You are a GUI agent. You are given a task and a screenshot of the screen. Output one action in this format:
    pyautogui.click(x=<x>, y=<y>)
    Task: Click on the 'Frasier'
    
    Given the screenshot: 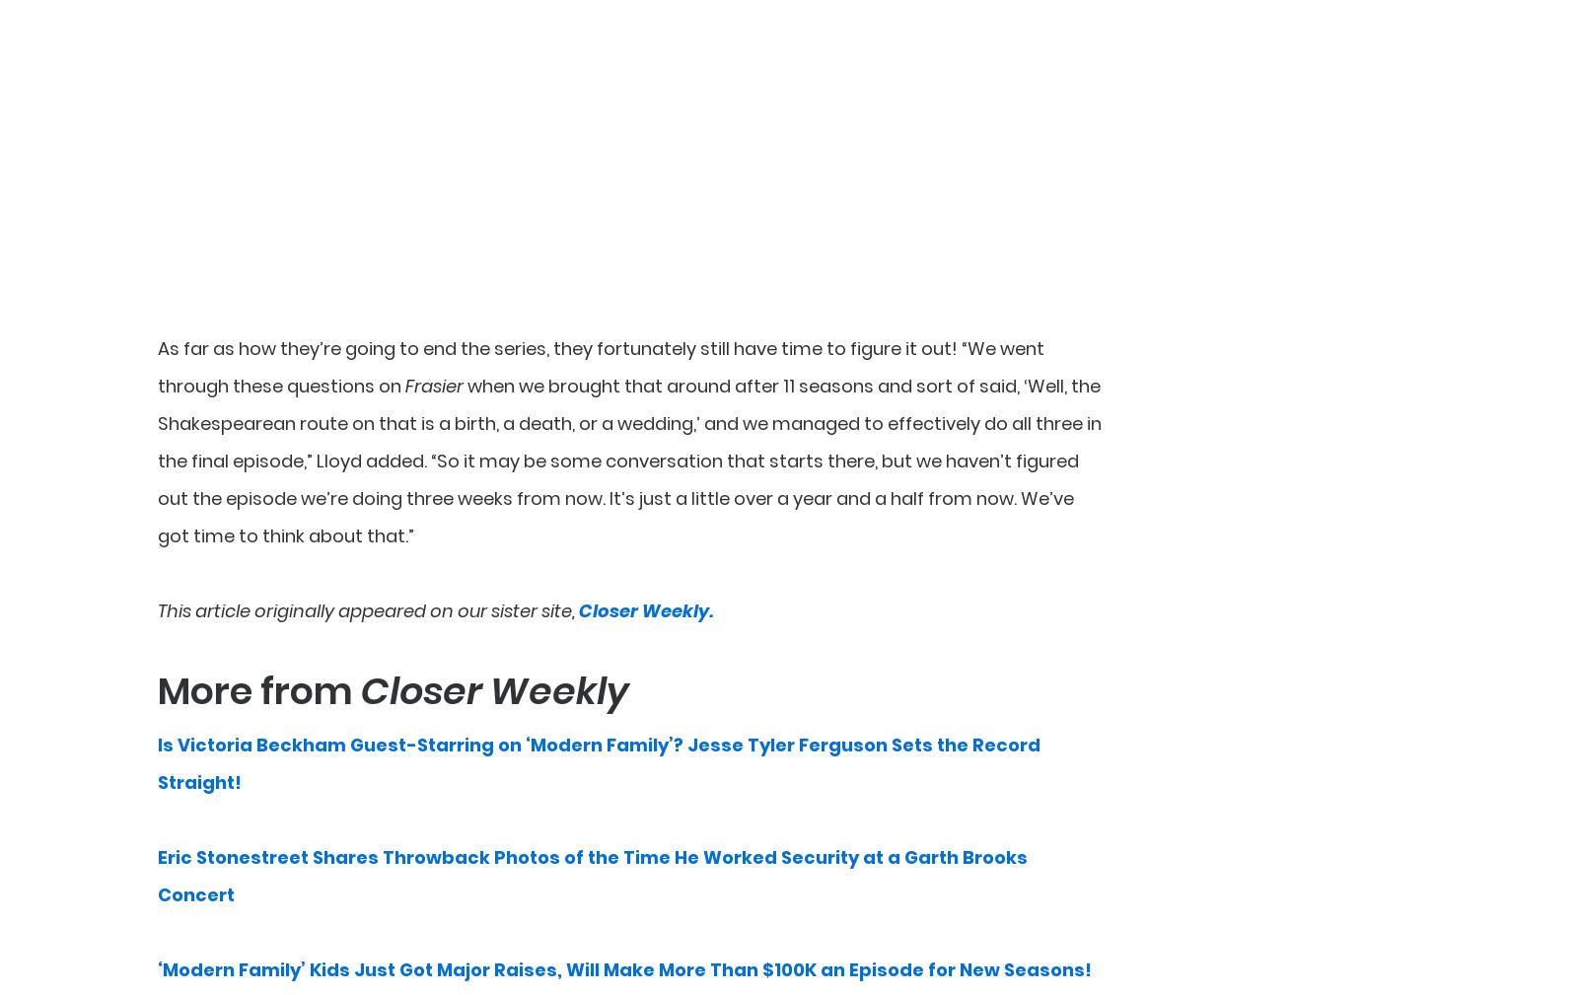 What is the action you would take?
    pyautogui.click(x=433, y=385)
    